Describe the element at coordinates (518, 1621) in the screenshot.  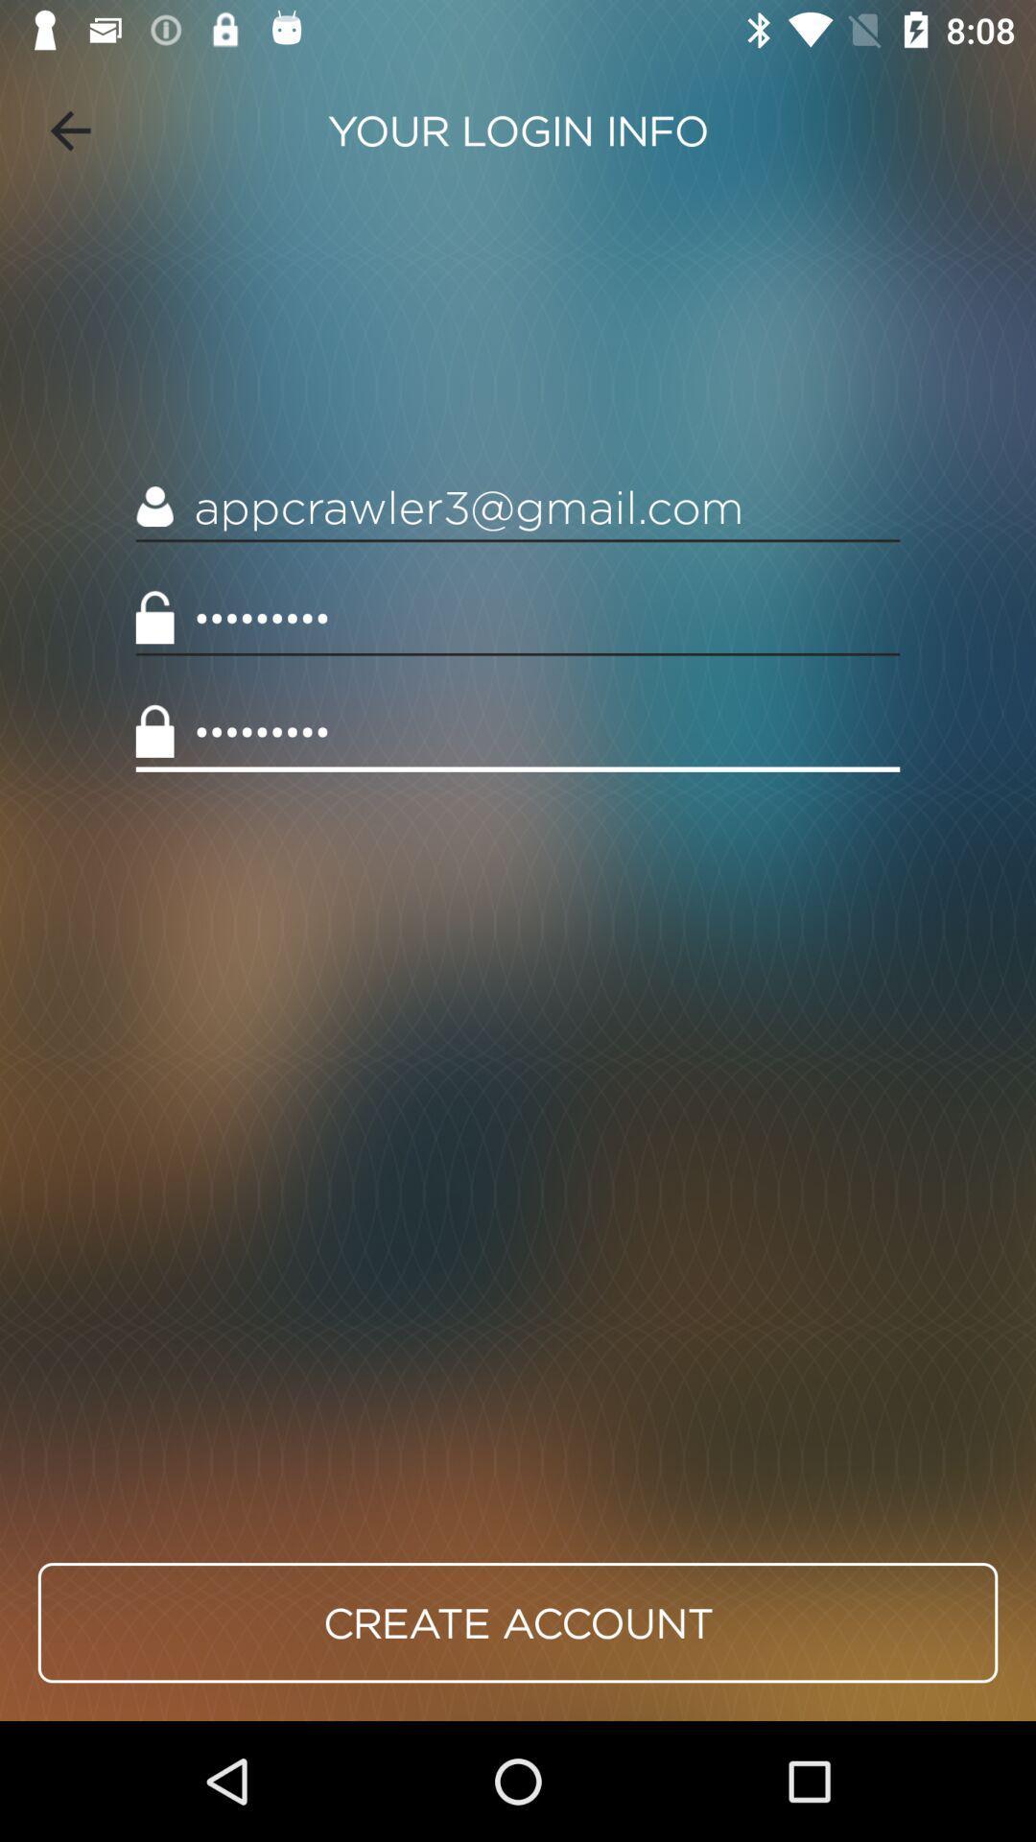
I see `the create account button` at that location.